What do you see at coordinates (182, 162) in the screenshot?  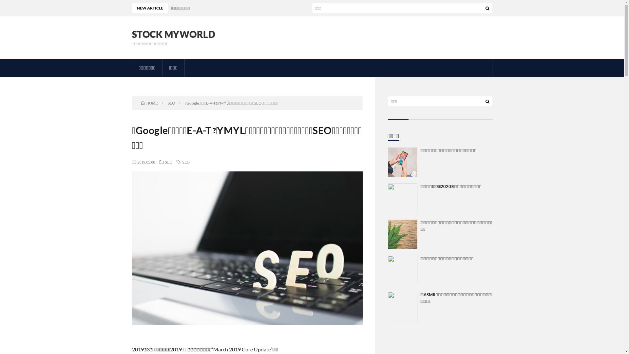 I see `'SEO'` at bounding box center [182, 162].